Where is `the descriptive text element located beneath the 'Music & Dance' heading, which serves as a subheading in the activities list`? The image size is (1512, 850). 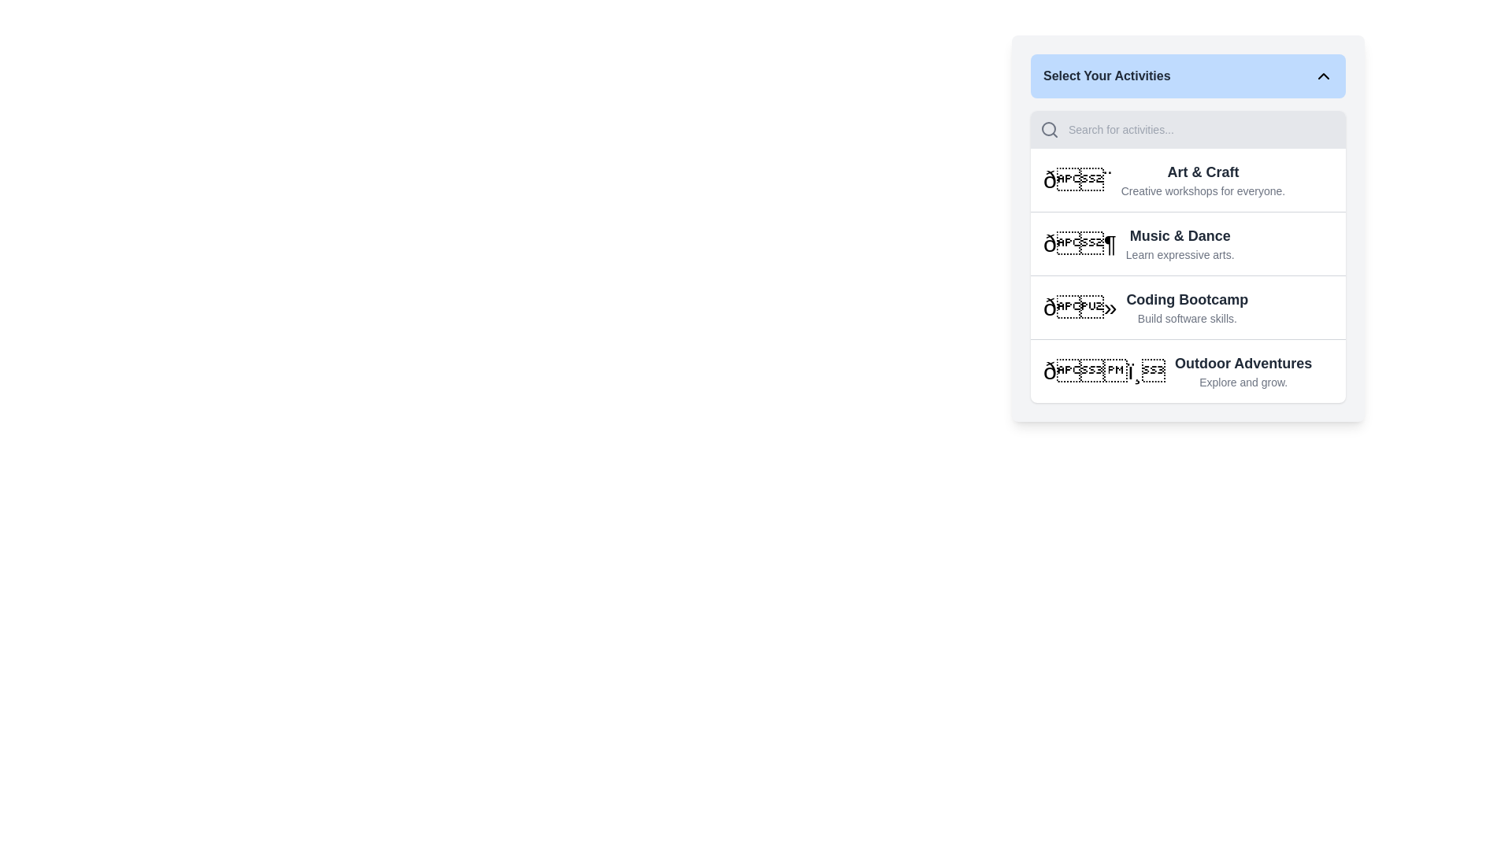 the descriptive text element located beneath the 'Music & Dance' heading, which serves as a subheading in the activities list is located at coordinates (1180, 254).